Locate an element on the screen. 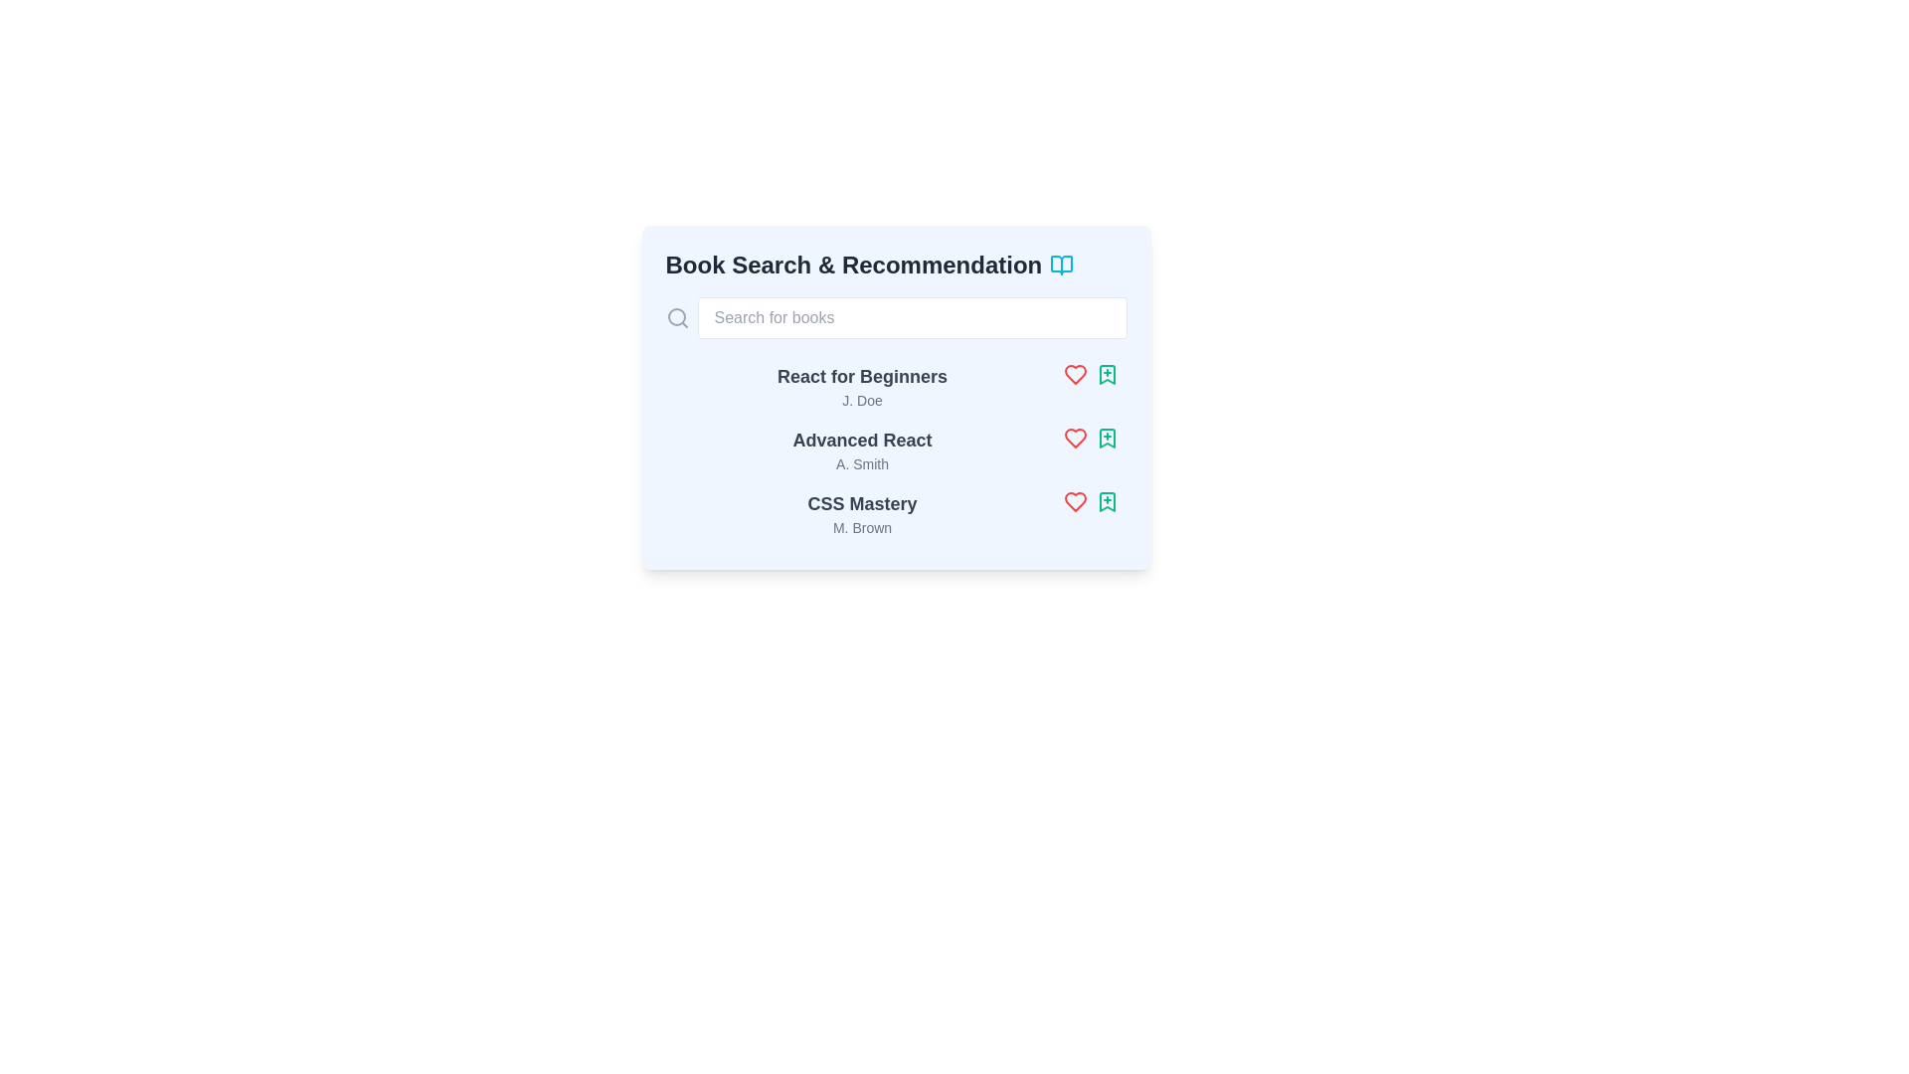 This screenshot has height=1074, width=1909. the innermost circular component of the search icon, which represents the lens of the magnifying glass is located at coordinates (676, 316).